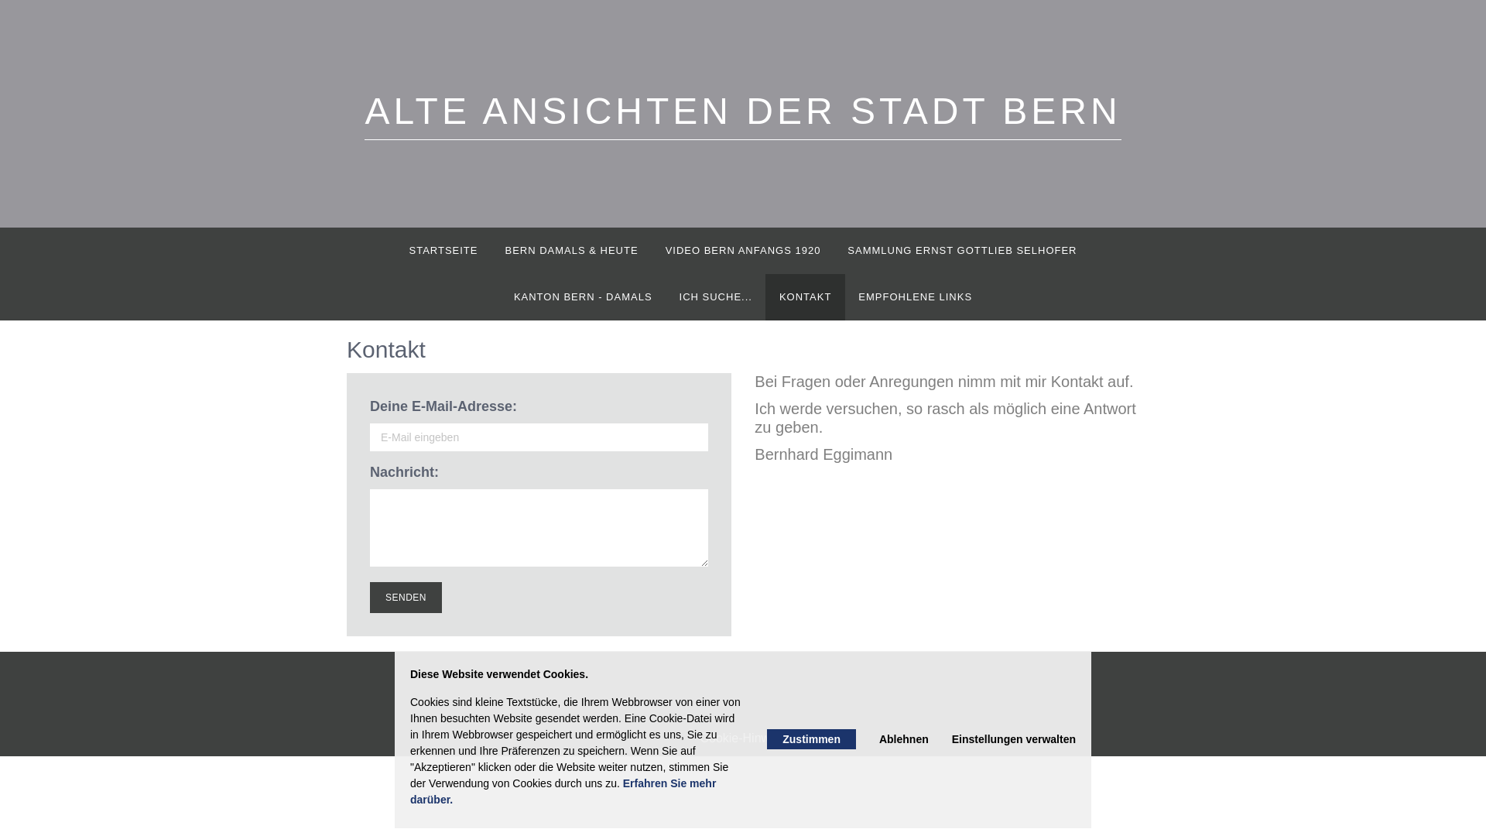  What do you see at coordinates (810, 738) in the screenshot?
I see `'Zustimmen'` at bounding box center [810, 738].